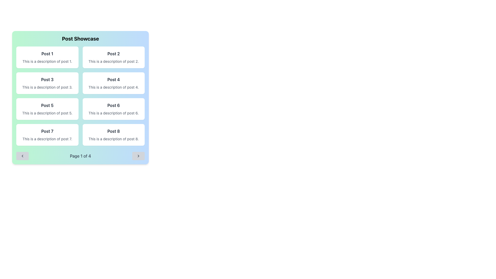  What do you see at coordinates (47, 131) in the screenshot?
I see `the text label displaying 'Post 7' which is bold and dark gray, located at the top of its card in the second row and first column of a 3x3 grid layout` at bounding box center [47, 131].